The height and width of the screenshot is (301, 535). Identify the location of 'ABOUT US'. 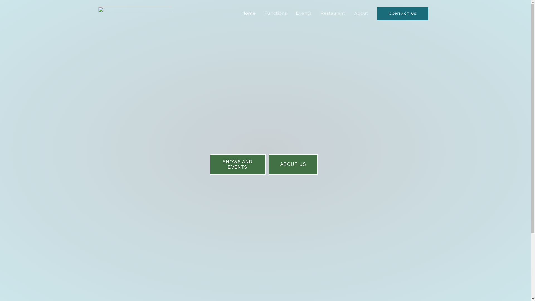
(269, 164).